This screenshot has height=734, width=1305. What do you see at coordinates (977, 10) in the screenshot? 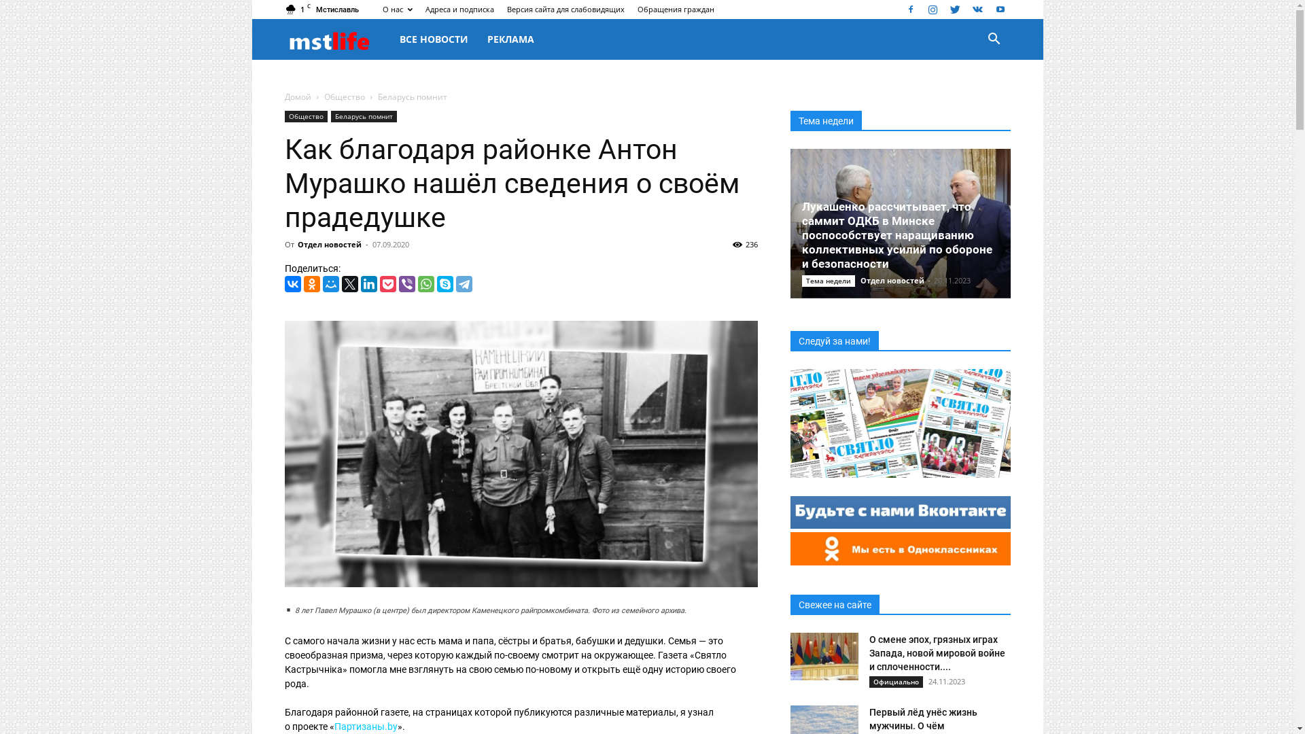
I see `'VKontakte'` at bounding box center [977, 10].